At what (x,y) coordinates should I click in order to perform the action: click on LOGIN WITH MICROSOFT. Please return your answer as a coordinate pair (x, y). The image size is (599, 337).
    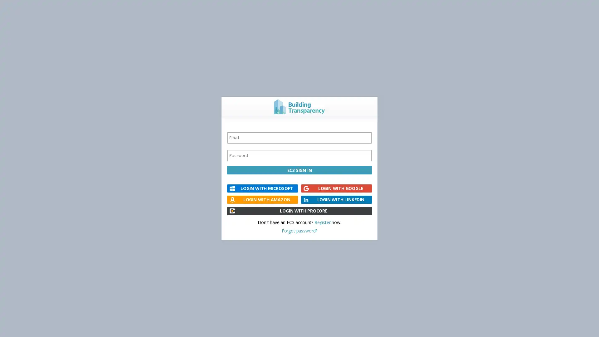
    Looking at the image, I should click on (262, 186).